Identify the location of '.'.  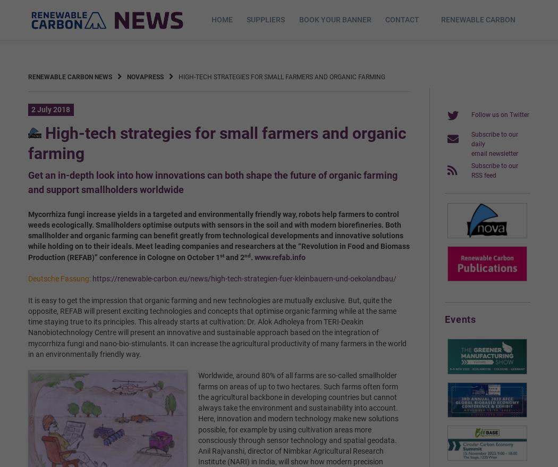
(252, 256).